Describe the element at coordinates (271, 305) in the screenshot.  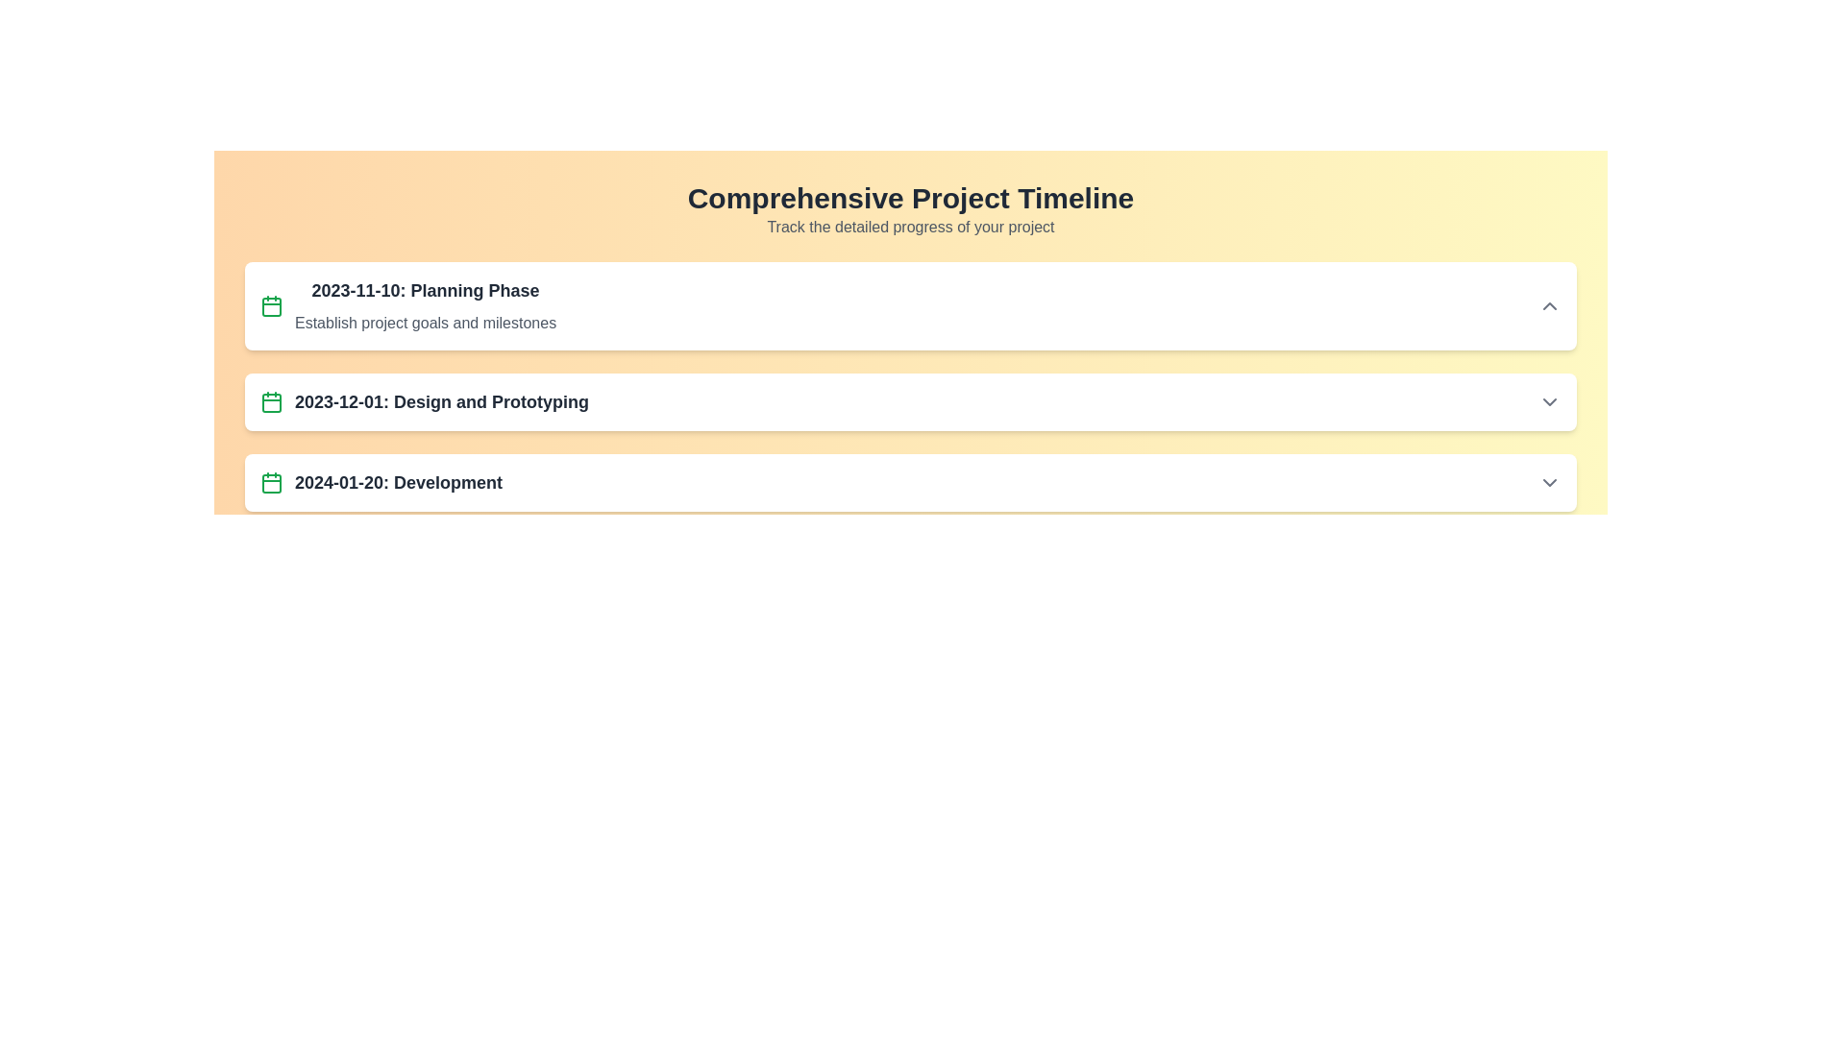
I see `the calendar icon with a green outline located to the left of the text '2023-11-10: Planning Phase' in the project milestones list` at that location.